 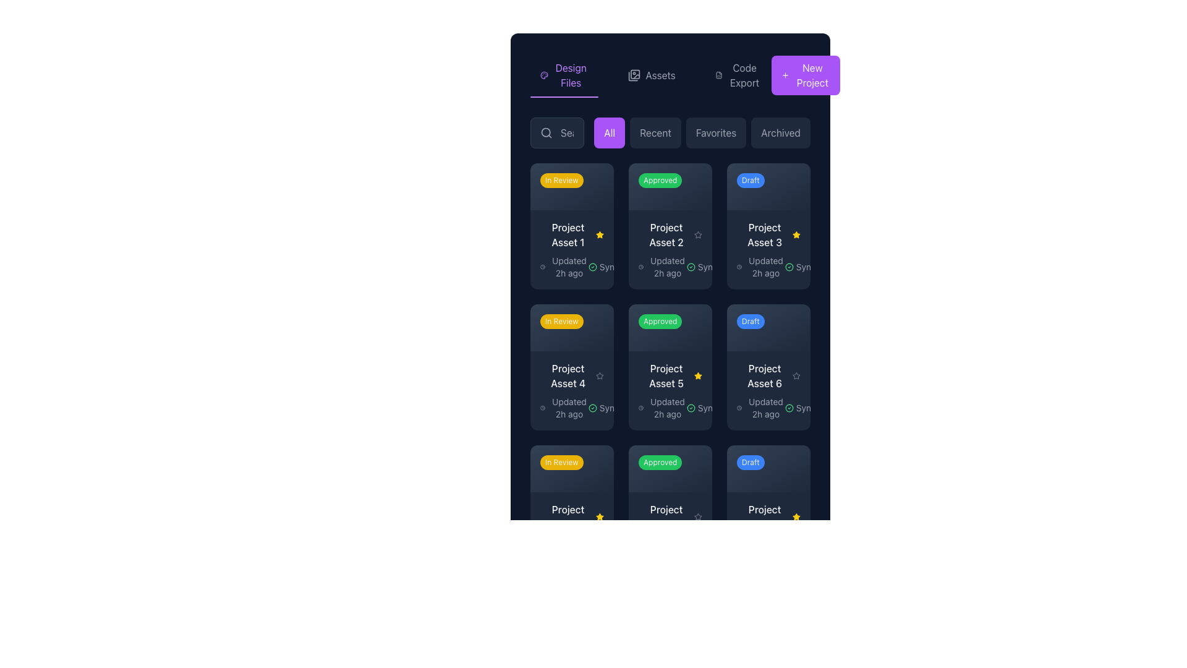 I want to click on informational indicator displaying 'Updated 2h ago' with a green checkmark and 'Synced' text, located in the second column and second row of the grid layout within the 'Project Asset 5' card, so click(x=670, y=408).